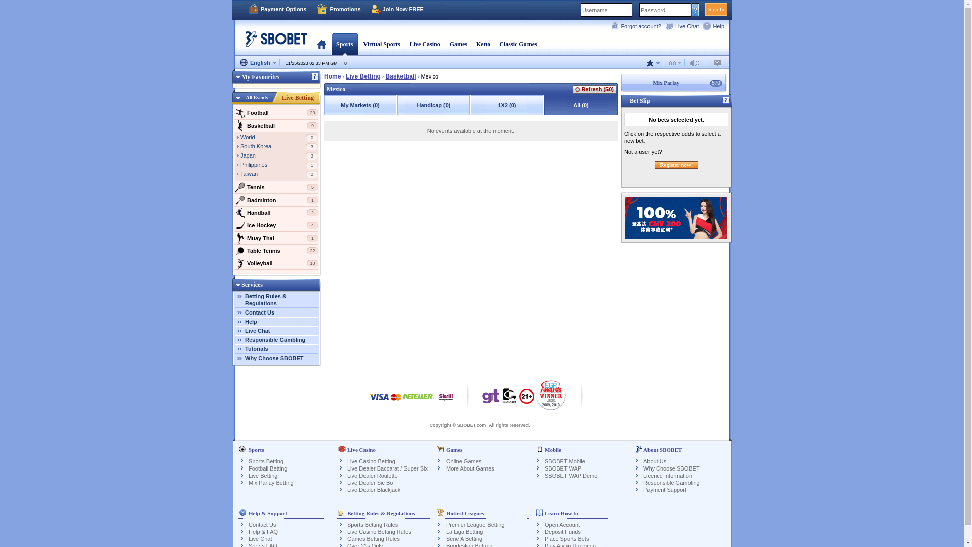 This screenshot has width=972, height=547. What do you see at coordinates (433, 105) in the screenshot?
I see `'Handicap (0)'` at bounding box center [433, 105].